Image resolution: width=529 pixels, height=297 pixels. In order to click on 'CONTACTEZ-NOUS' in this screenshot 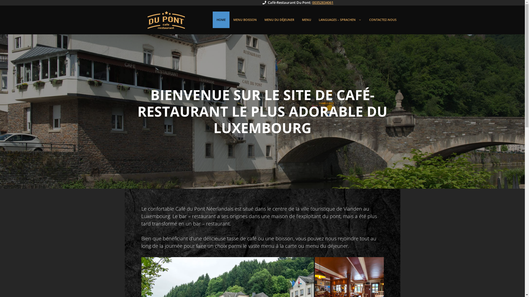, I will do `click(382, 20)`.